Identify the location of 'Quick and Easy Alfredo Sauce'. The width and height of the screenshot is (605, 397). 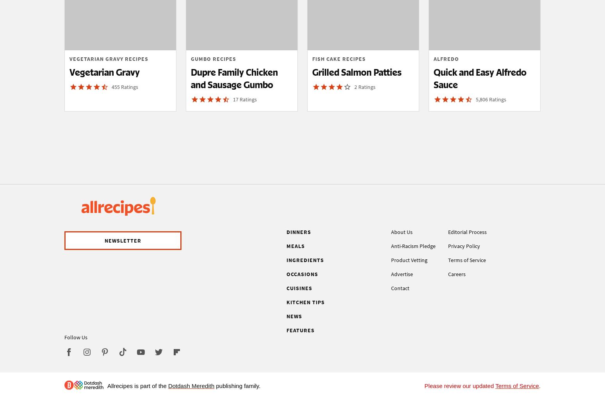
(433, 78).